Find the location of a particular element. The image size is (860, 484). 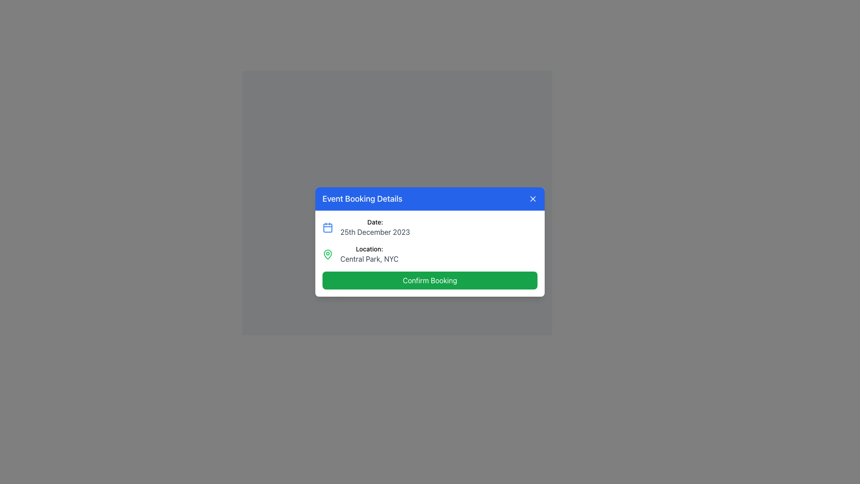

the Text Label in the header section of the modal dialog that informs the user about event booking details is located at coordinates (362, 198).